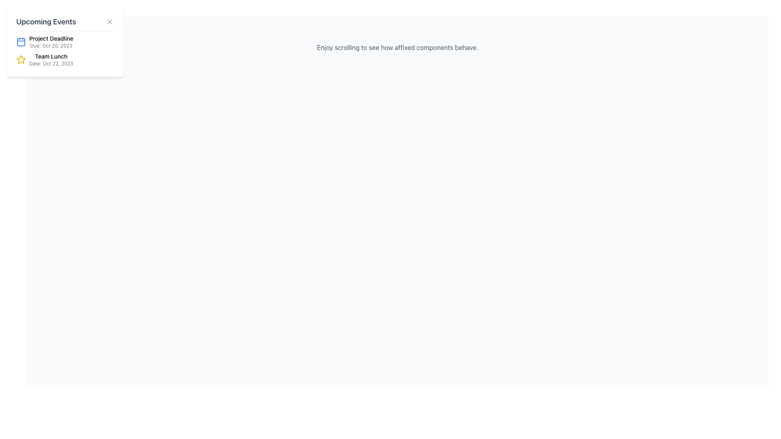  Describe the element at coordinates (21, 42) in the screenshot. I see `the calendar icon representing the 'Project Deadline' event in the 'Upcoming Events' list` at that location.